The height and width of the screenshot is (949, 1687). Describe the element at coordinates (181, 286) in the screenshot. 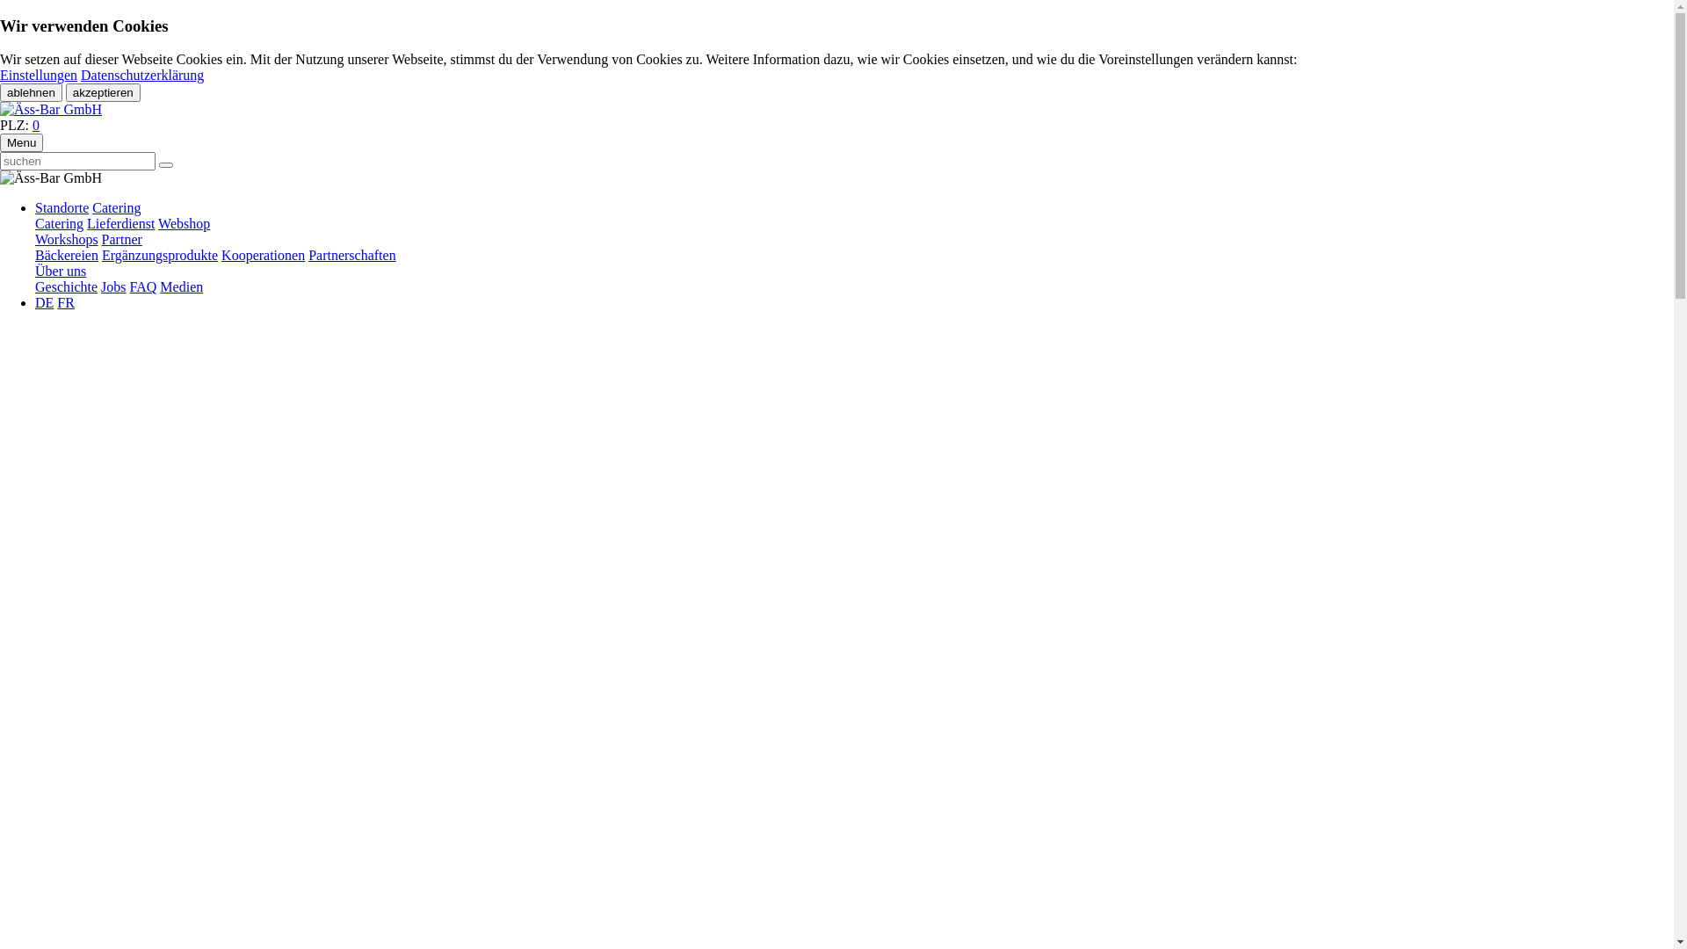

I see `'Medien'` at that location.